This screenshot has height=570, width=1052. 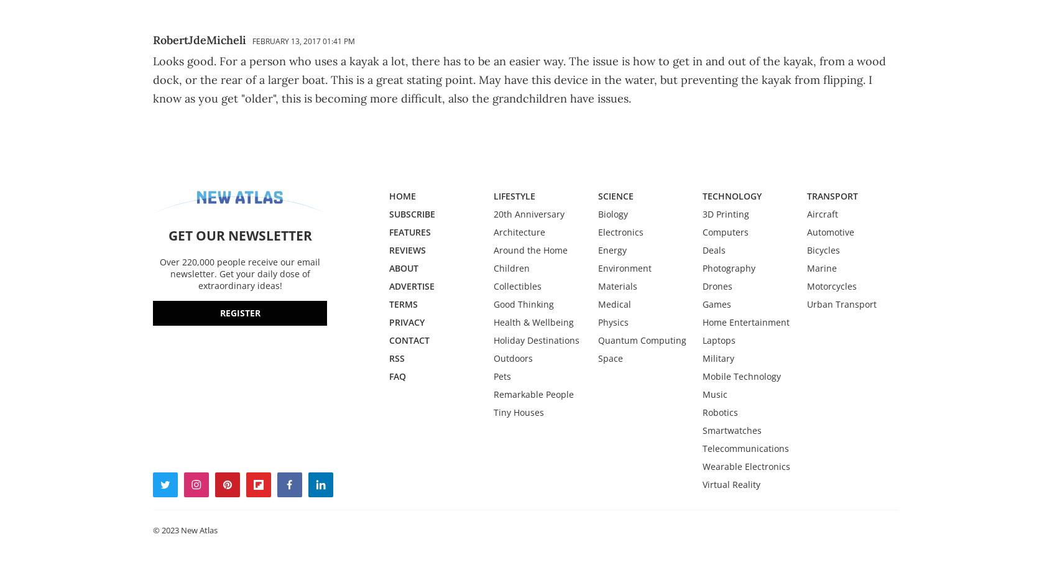 What do you see at coordinates (410, 231) in the screenshot?
I see `'FEATURES'` at bounding box center [410, 231].